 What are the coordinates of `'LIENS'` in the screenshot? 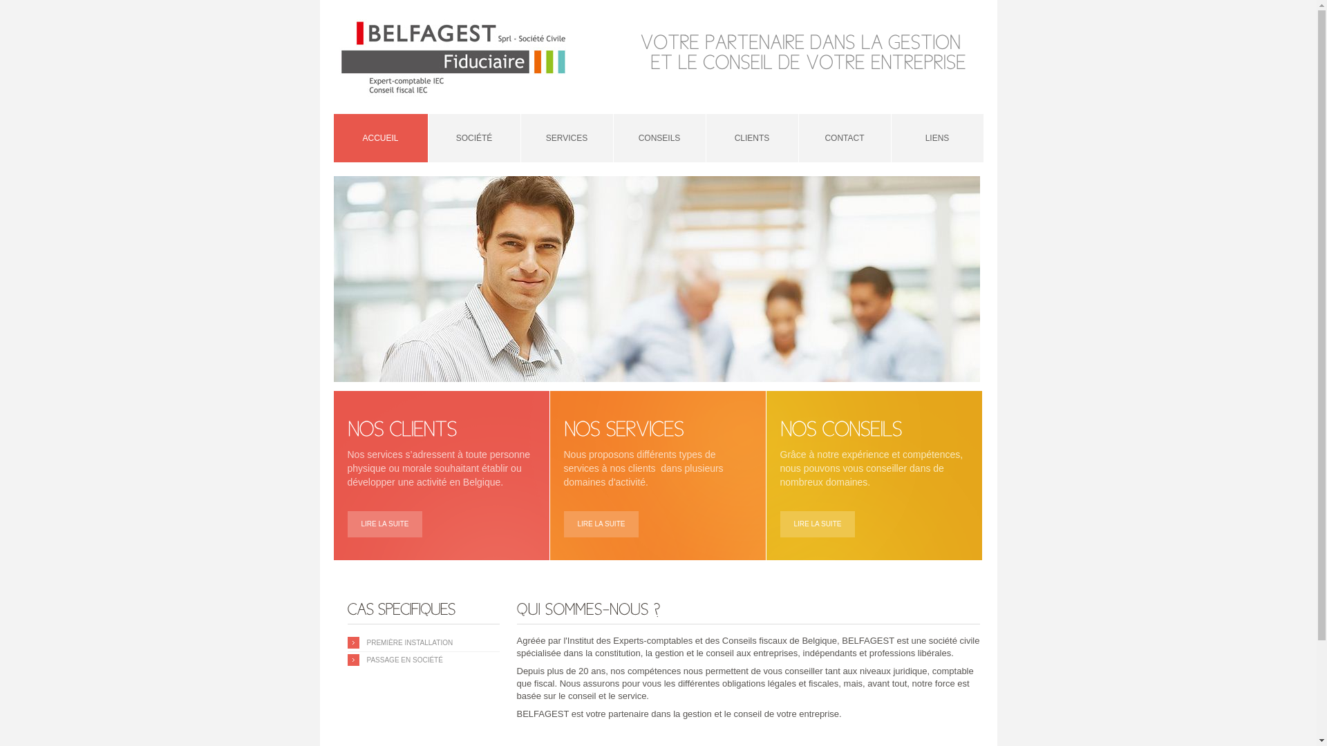 It's located at (937, 138).